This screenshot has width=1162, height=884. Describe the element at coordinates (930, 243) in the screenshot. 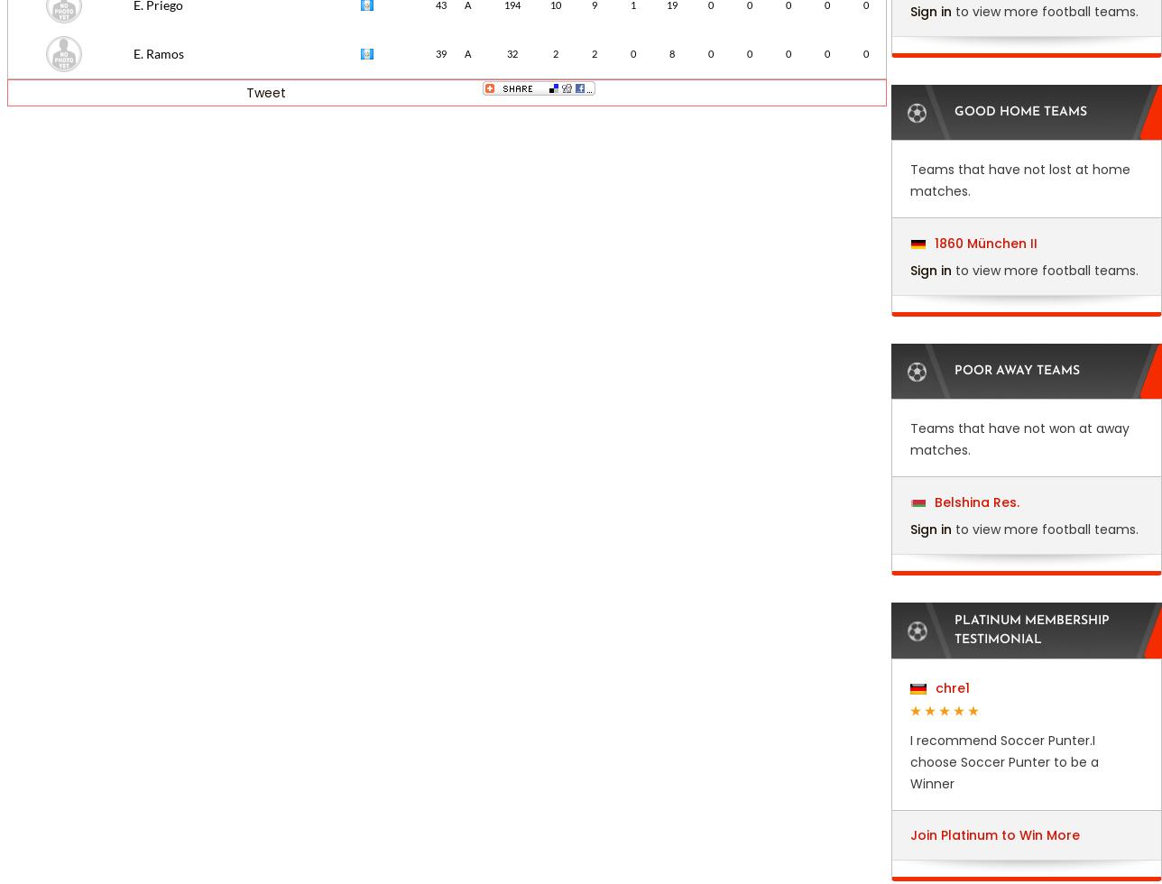

I see `'1860 München II'` at that location.